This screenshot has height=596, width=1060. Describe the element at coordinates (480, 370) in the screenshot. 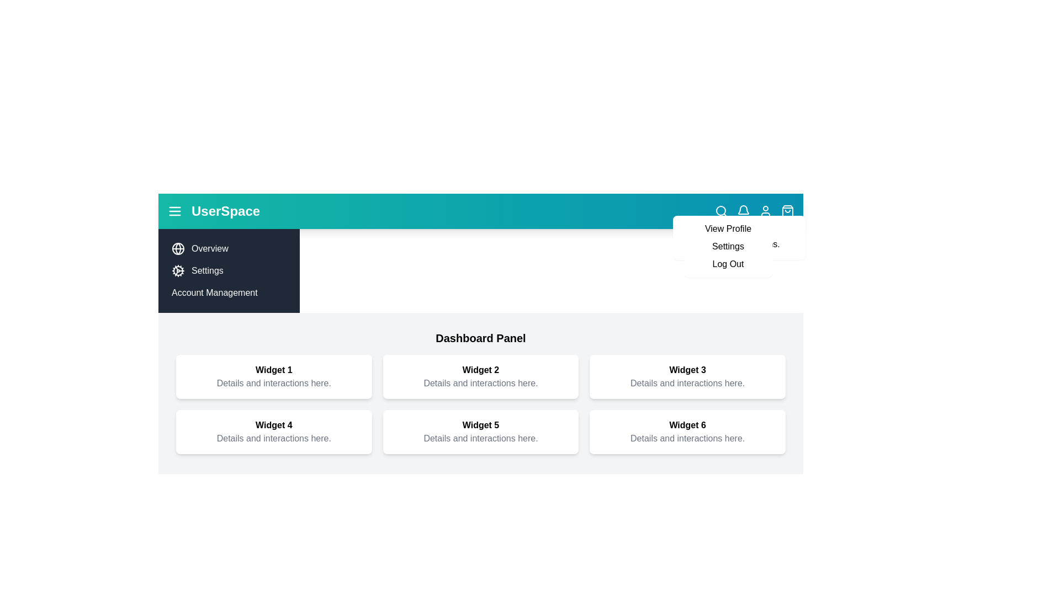

I see `the static text label that serves as the title for the second widget in the dashboard panel` at that location.